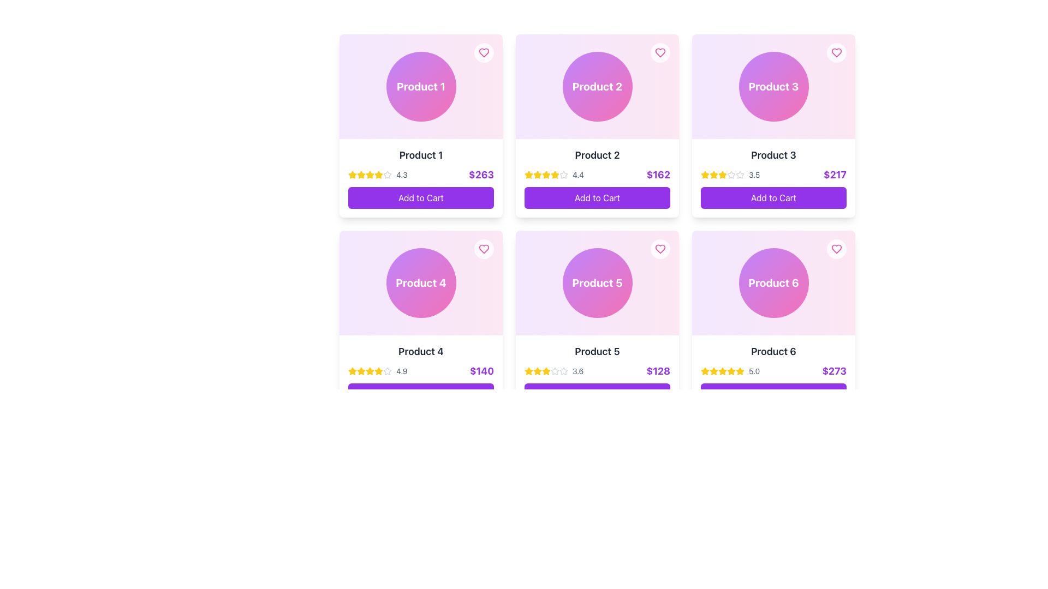 This screenshot has height=589, width=1048. Describe the element at coordinates (545, 174) in the screenshot. I see `the third yellow star icon in the rating section under the 'Product 2' card to rate it` at that location.